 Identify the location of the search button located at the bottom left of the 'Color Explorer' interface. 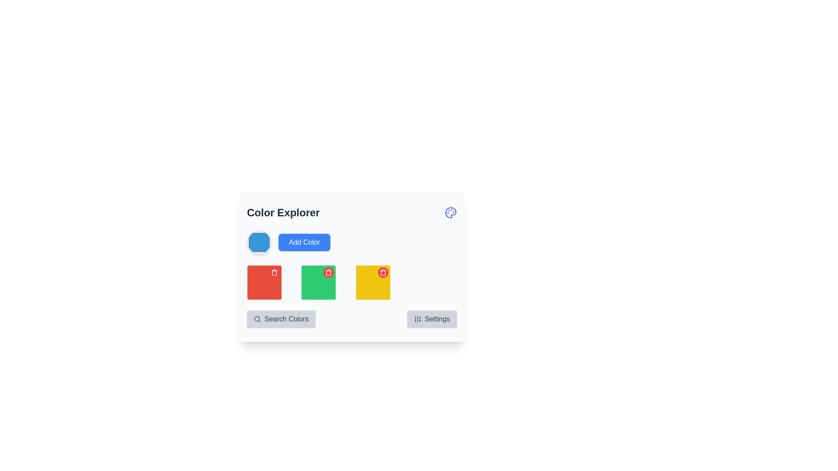
(281, 319).